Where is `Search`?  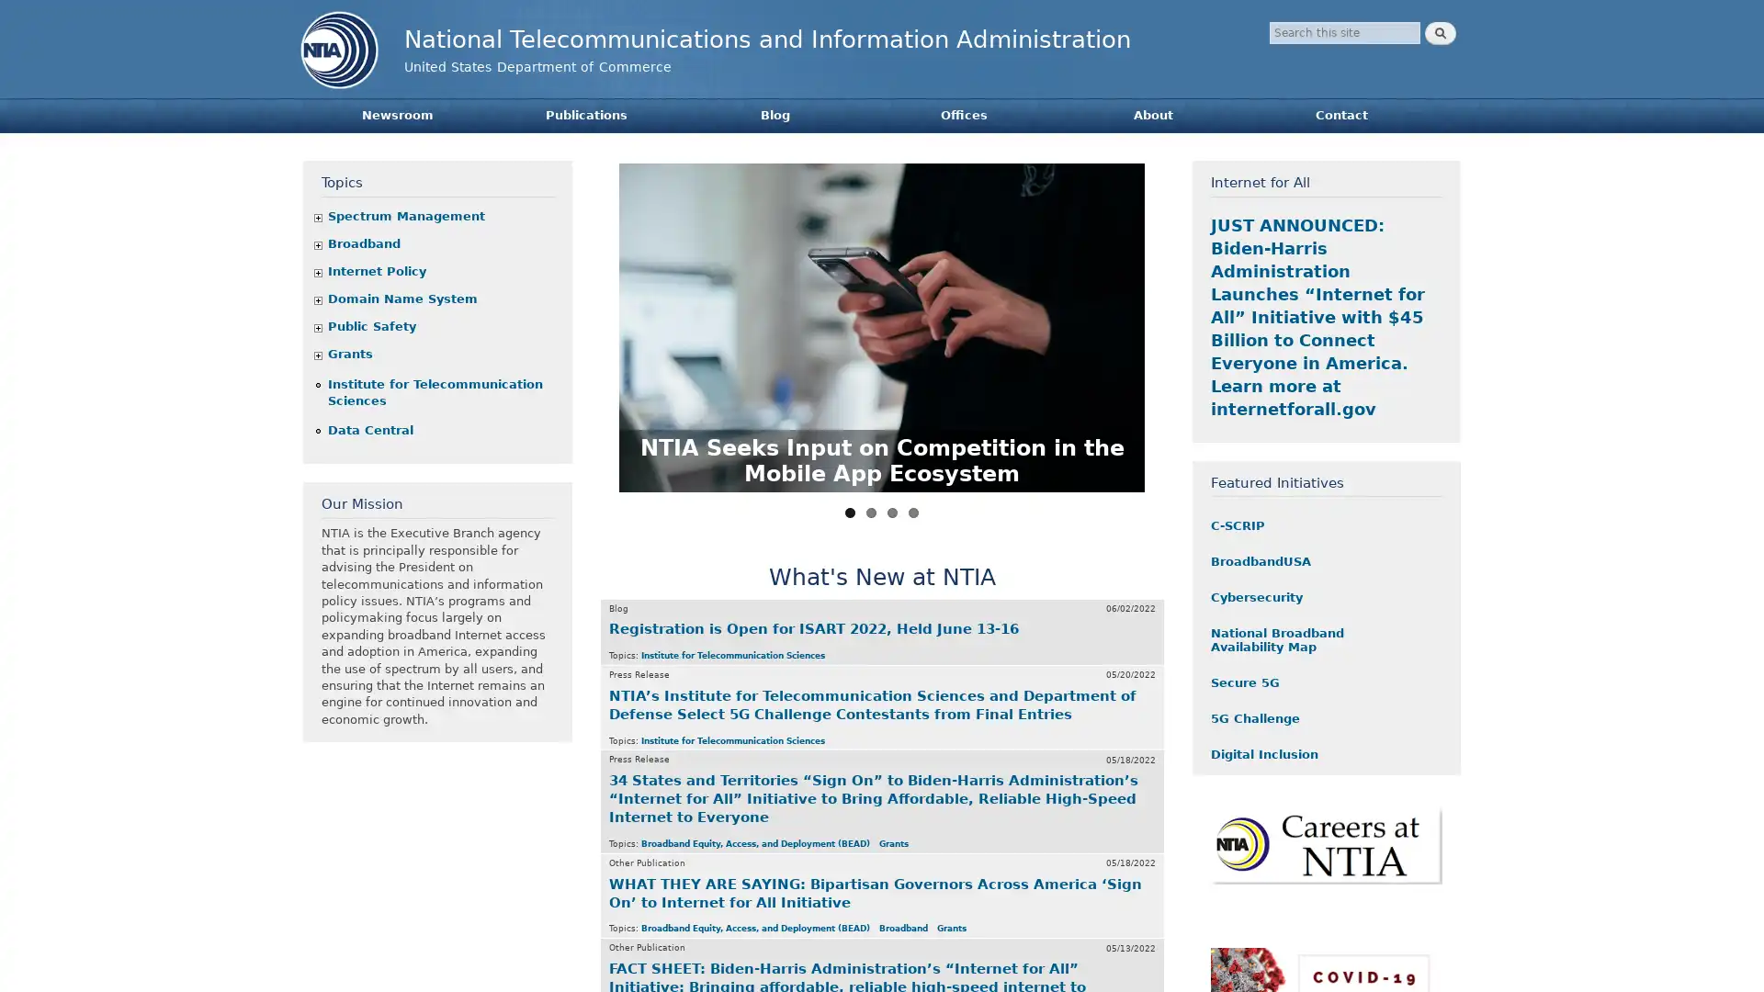
Search is located at coordinates (1440, 33).